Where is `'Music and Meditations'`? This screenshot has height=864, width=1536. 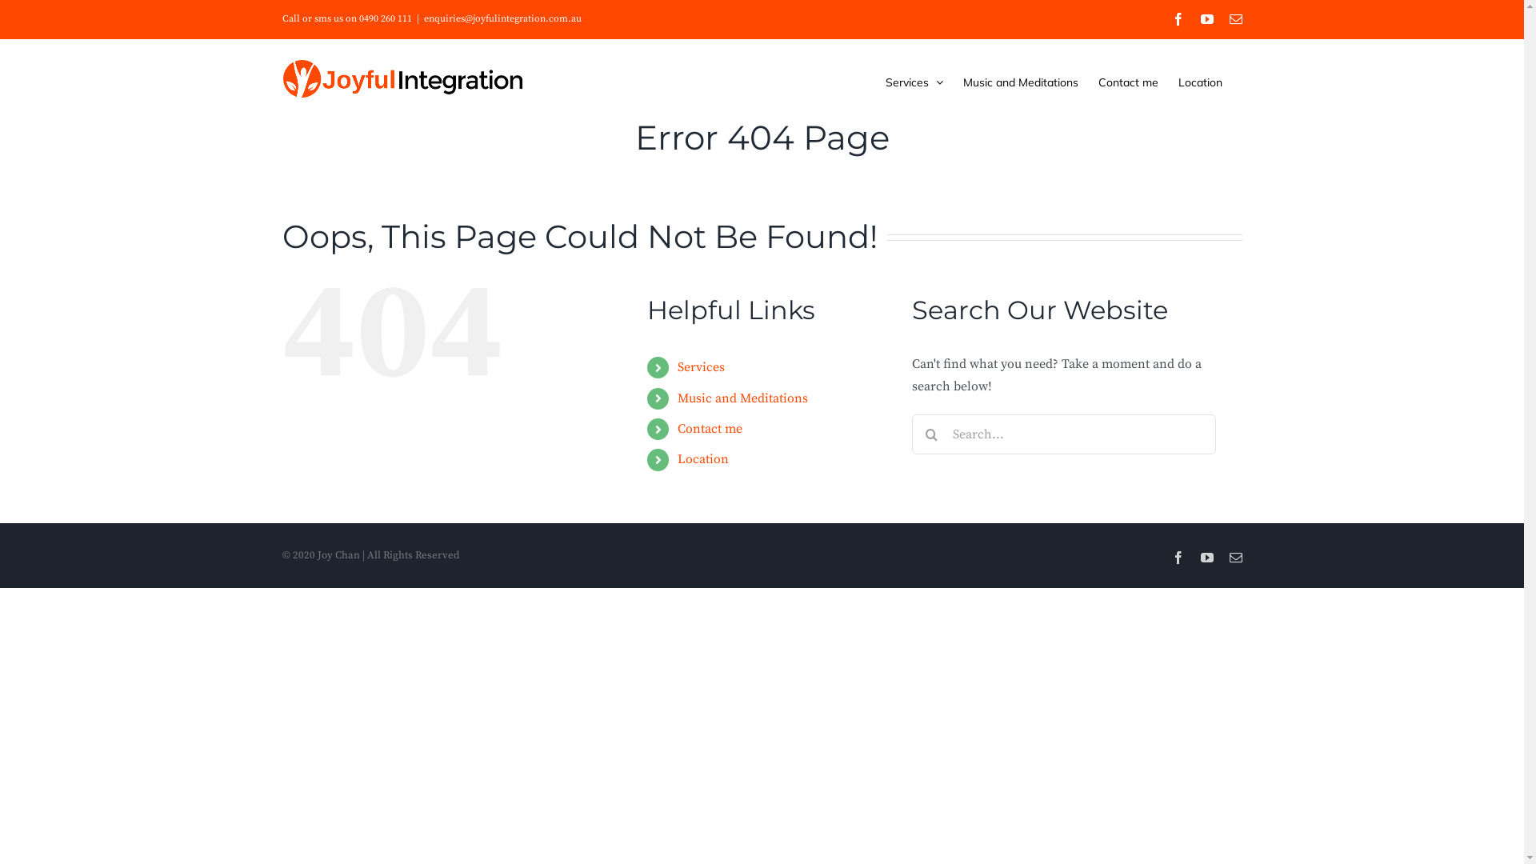
'Music and Meditations' is located at coordinates (1020, 82).